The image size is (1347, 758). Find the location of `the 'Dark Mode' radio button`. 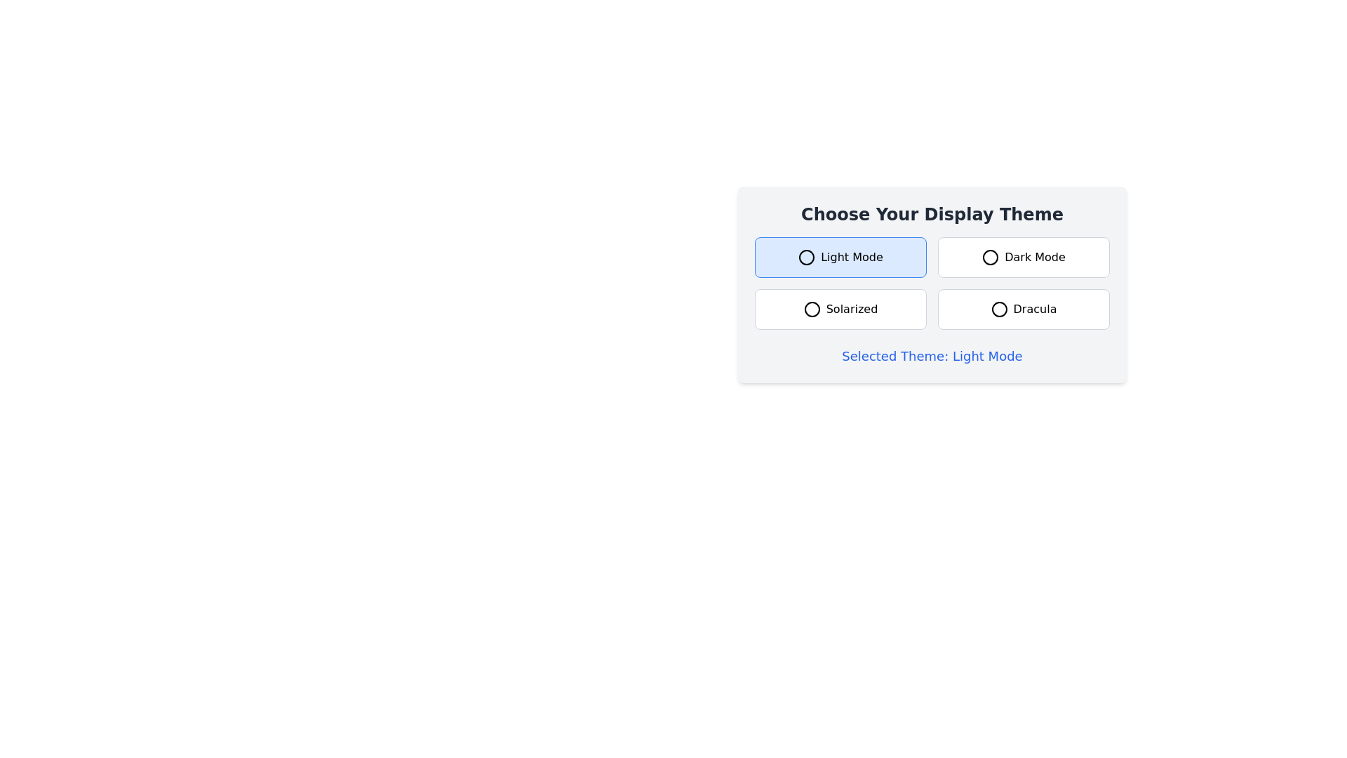

the 'Dark Mode' radio button is located at coordinates (1024, 257).